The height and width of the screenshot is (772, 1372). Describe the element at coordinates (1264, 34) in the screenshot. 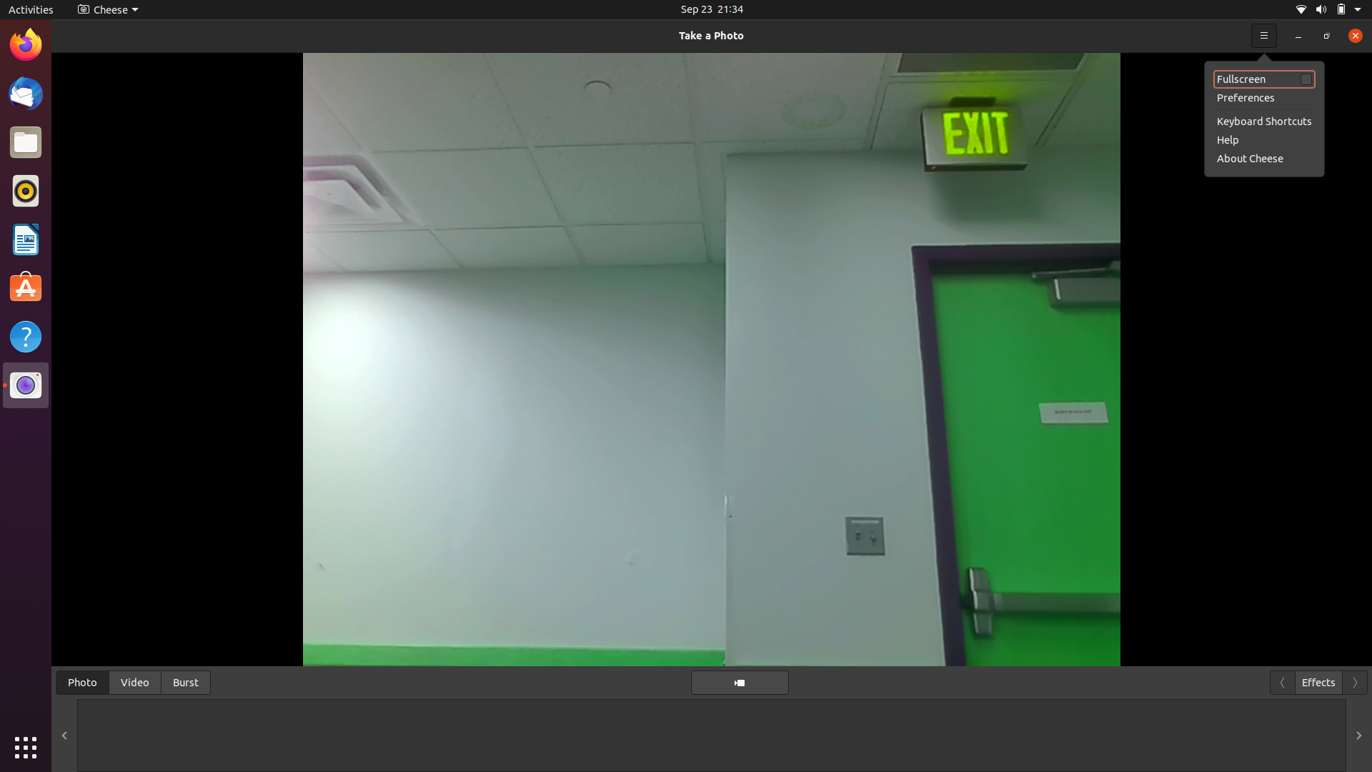

I see `Retrieve the tutorial information for the camera` at that location.